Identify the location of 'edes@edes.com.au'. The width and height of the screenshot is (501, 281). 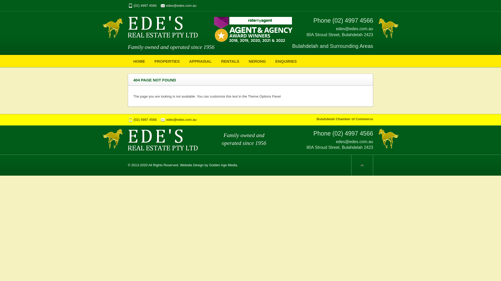
(178, 5).